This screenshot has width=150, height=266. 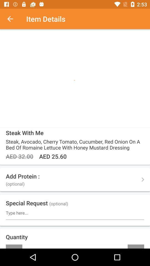 I want to click on go back, so click(x=13, y=19).